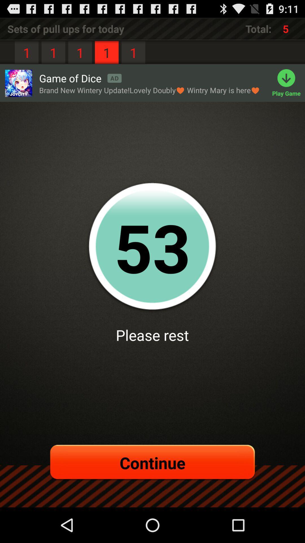  What do you see at coordinates (18, 83) in the screenshot?
I see `the icon to the left of the game of dice icon` at bounding box center [18, 83].